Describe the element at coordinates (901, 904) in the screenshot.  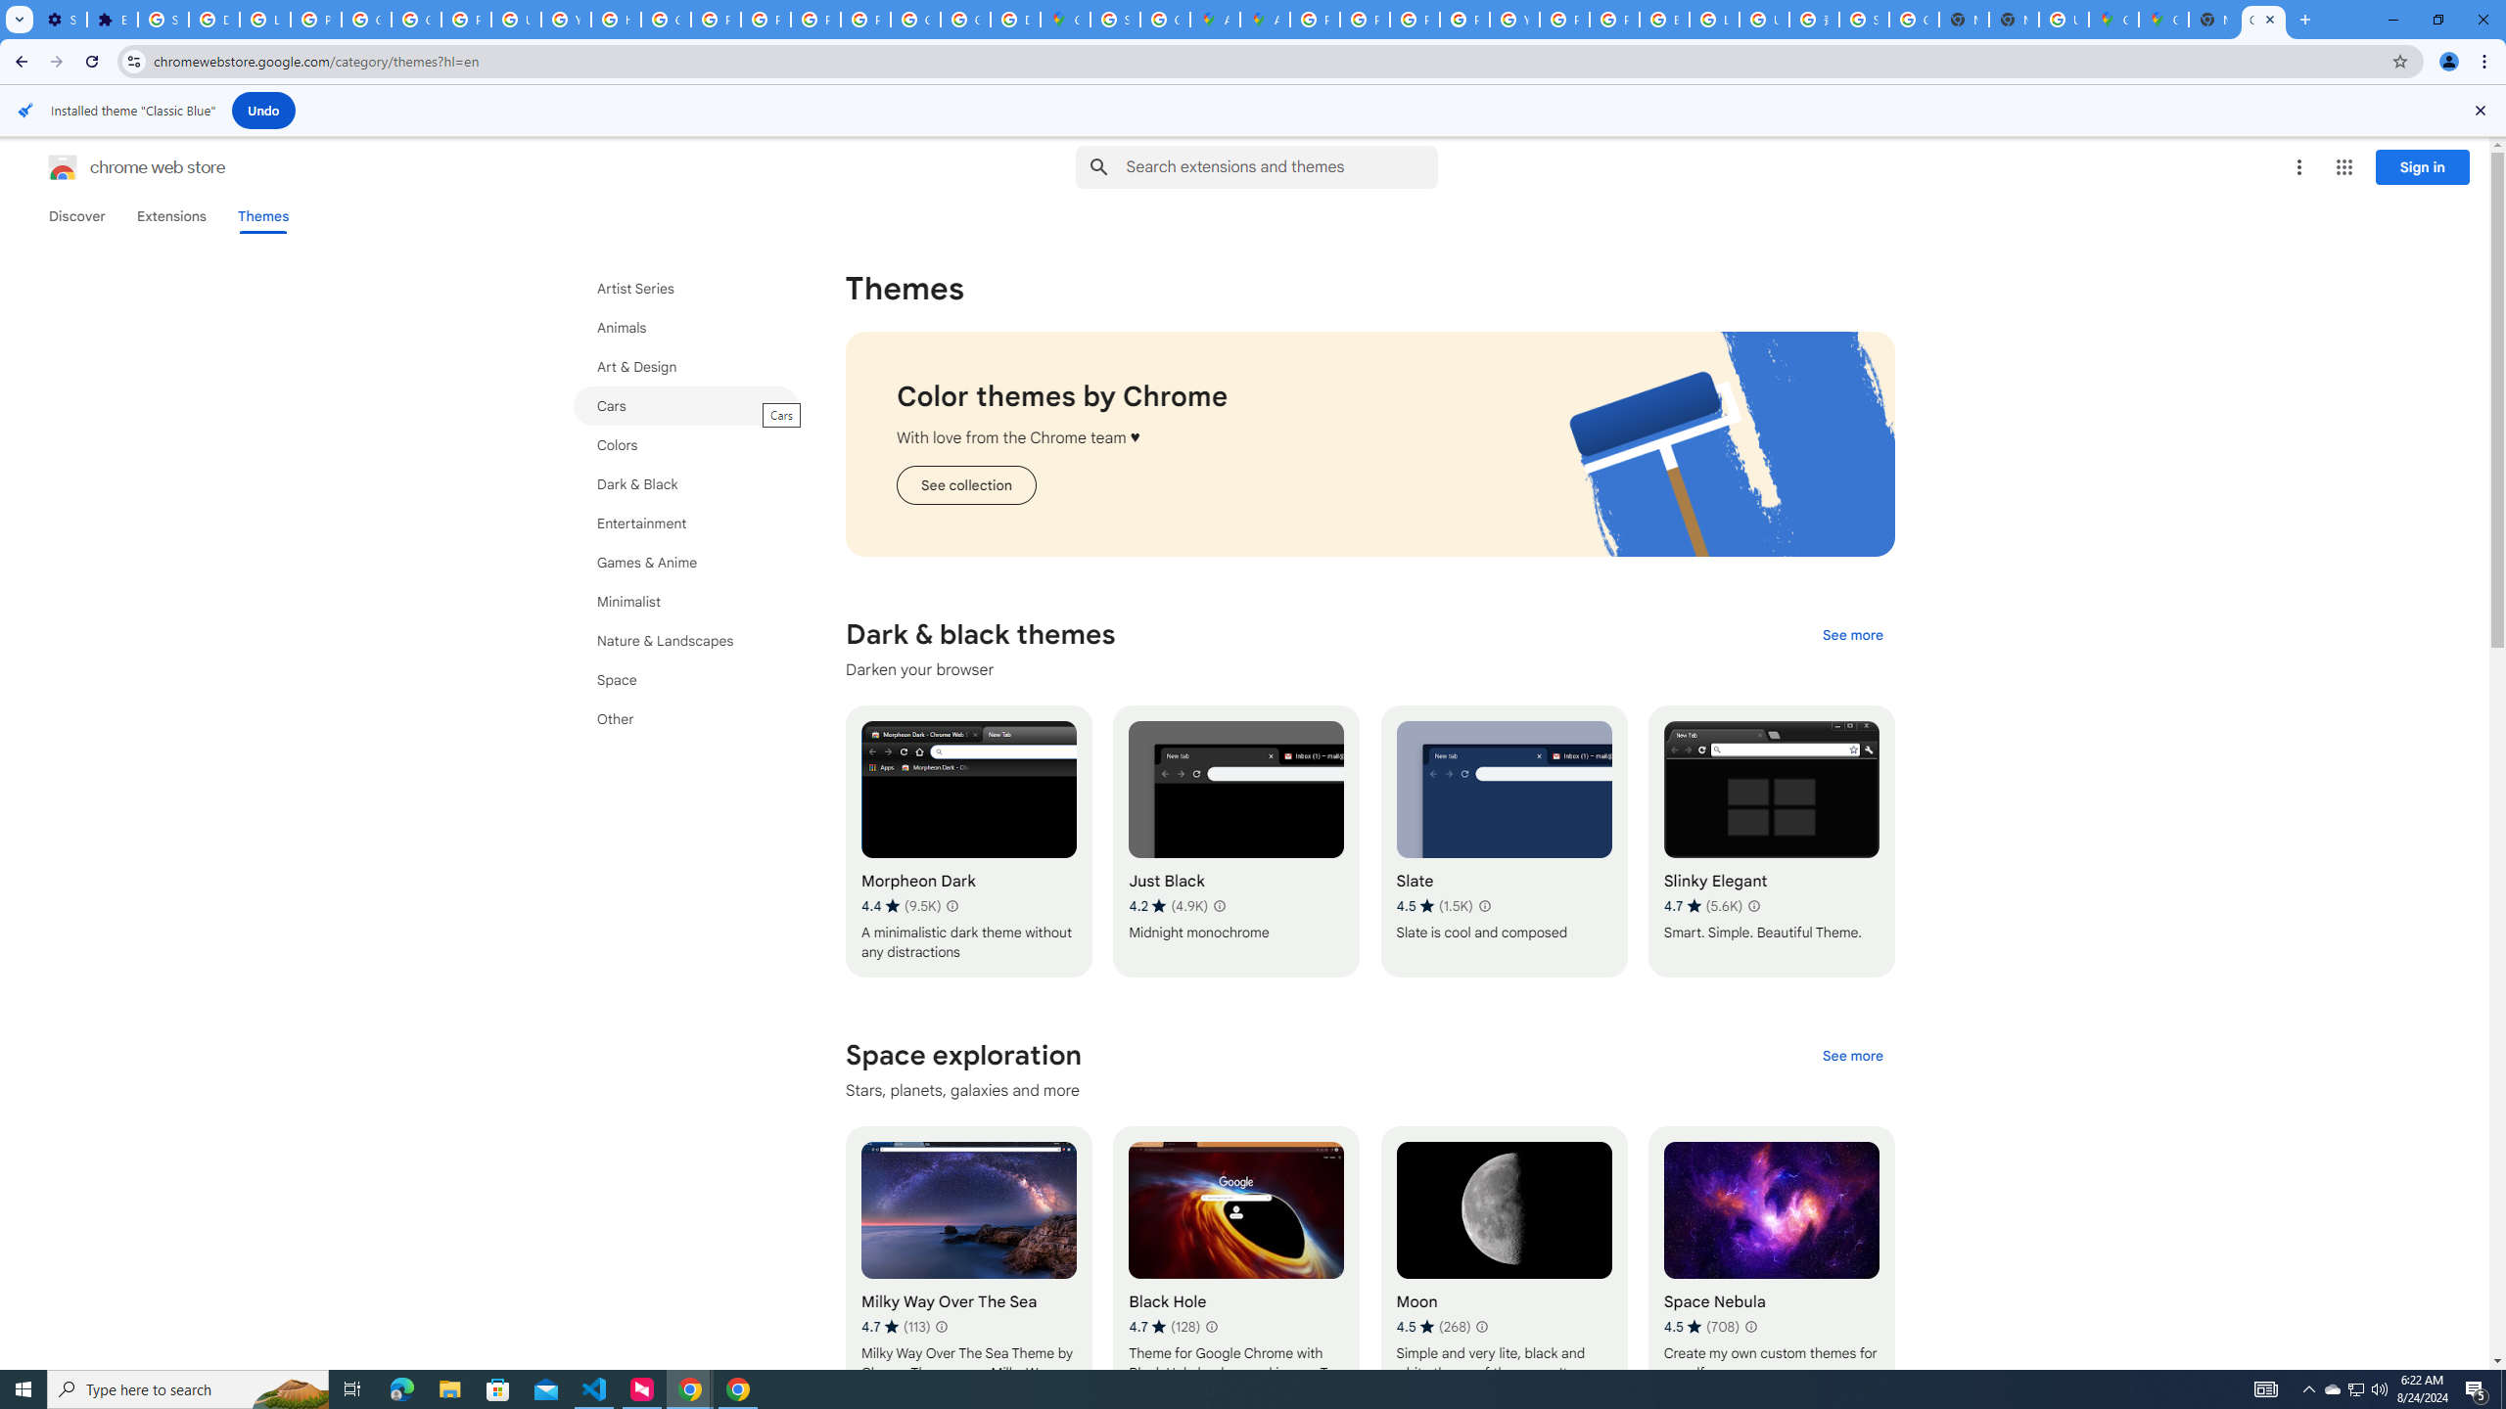
I see `'Average rating 4.4 out of 5 stars. 9.5K ratings.'` at that location.